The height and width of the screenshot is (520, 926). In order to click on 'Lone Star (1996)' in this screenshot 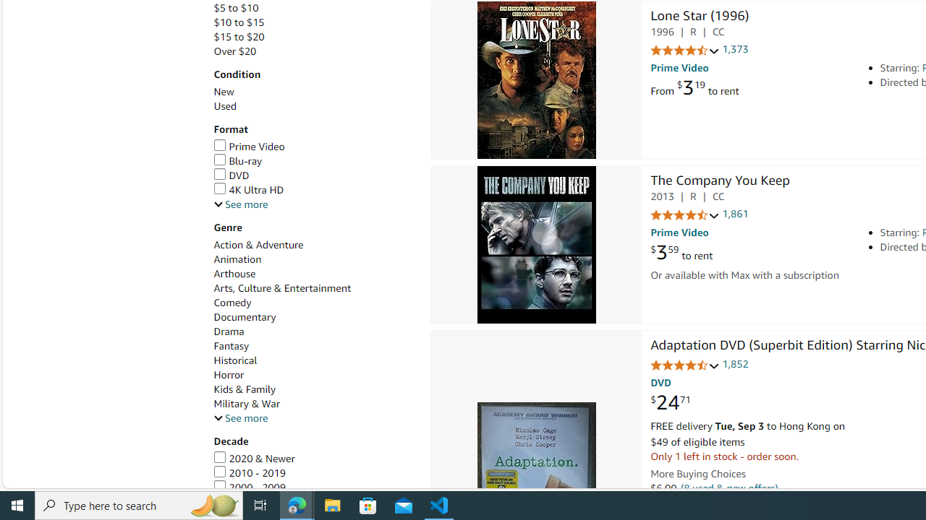, I will do `click(700, 17)`.